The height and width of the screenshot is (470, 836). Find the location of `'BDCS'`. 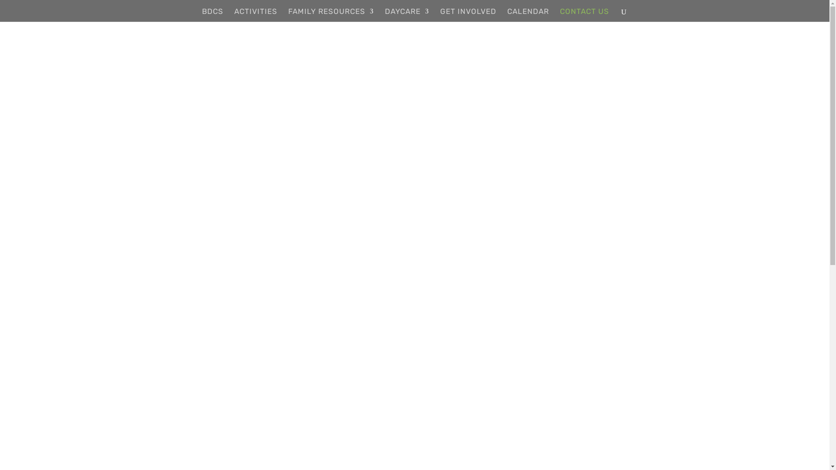

'BDCS' is located at coordinates (212, 15).